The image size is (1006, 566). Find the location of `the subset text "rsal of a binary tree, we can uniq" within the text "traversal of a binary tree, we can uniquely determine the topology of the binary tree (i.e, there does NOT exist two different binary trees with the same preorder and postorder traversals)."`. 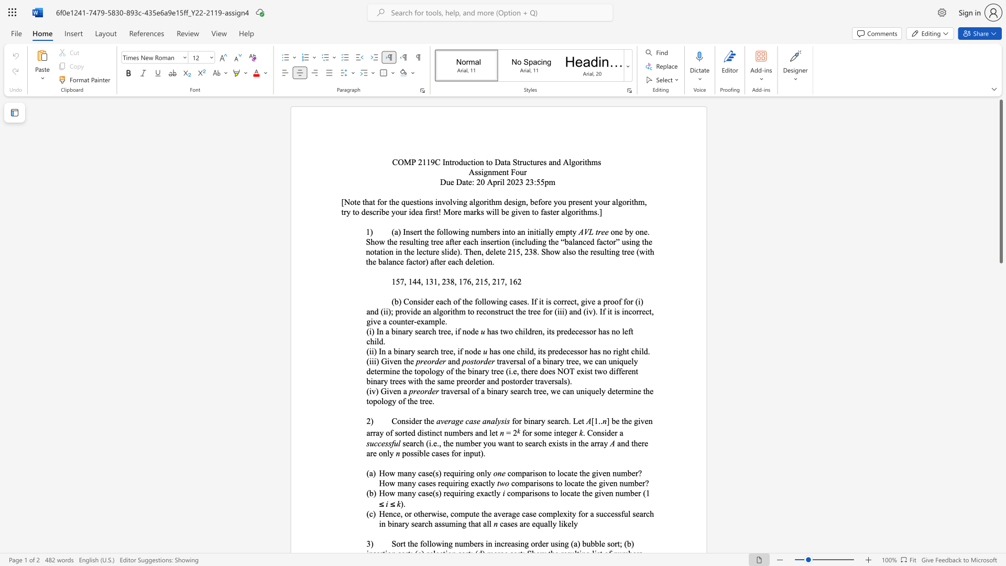

the subset text "rsal of a binary tree, we can uniq" within the text "traversal of a binary tree, we can uniquely determine the topology of the binary tree (i.e, there does NOT exist two different binary trees with the same preorder and postorder traversals)." is located at coordinates (513, 361).